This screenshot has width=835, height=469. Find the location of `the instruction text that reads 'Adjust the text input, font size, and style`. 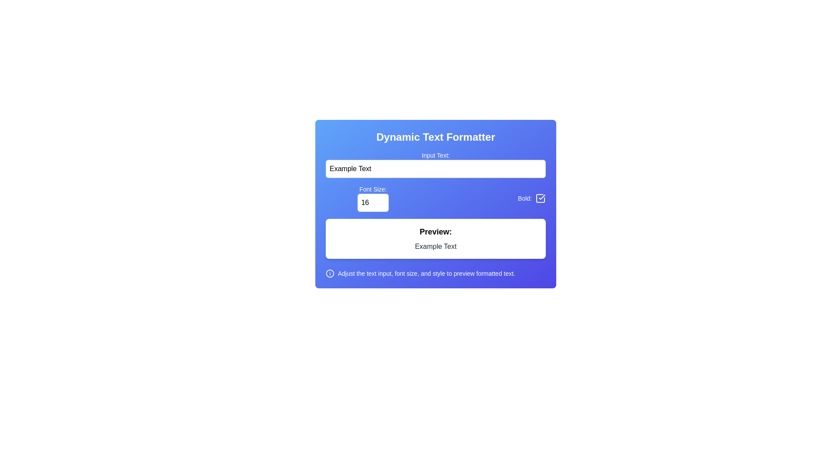

the instruction text that reads 'Adjust the text input, font size, and style is located at coordinates (426, 273).